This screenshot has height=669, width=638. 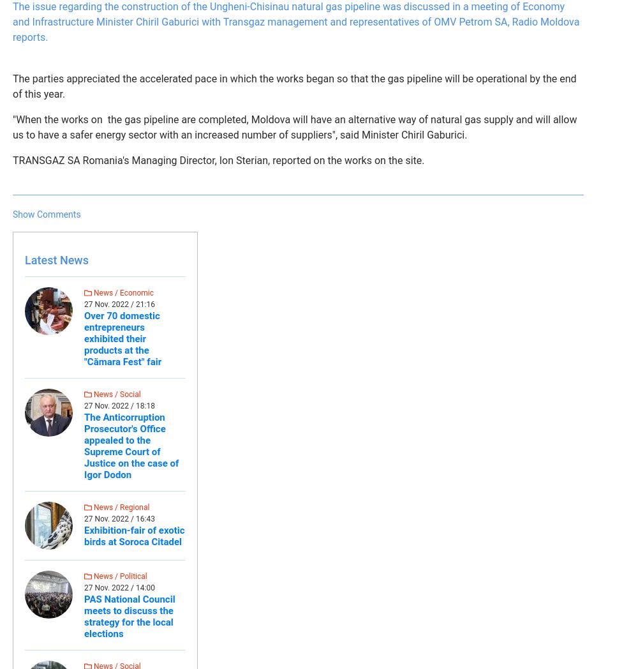 I want to click on '"When the works on  the gas pipeline are completed, Moldova will have an alternative way of natural gas supply and will allow us to have a safer energy sector with an increased number of suppliers", said Minister Chiril Gaburici.', so click(x=294, y=126).